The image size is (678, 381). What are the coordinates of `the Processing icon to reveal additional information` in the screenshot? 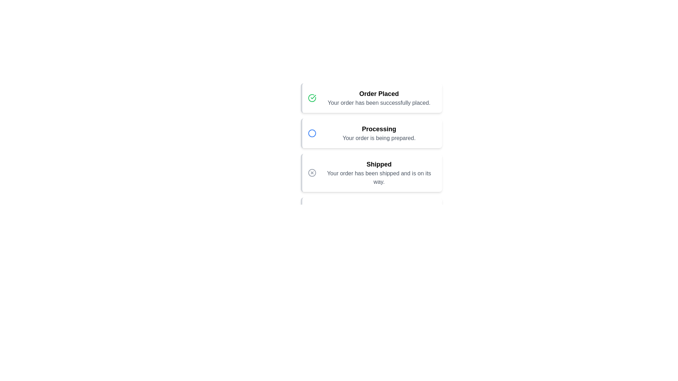 It's located at (311, 133).